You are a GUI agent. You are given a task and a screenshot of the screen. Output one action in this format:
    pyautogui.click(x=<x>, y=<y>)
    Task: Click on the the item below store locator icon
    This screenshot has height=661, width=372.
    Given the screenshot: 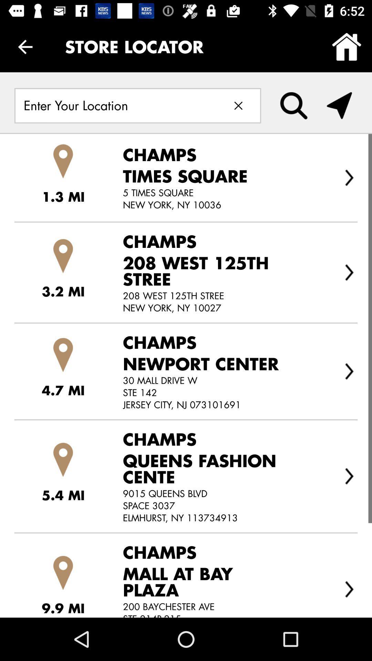 What is the action you would take?
    pyautogui.click(x=294, y=105)
    